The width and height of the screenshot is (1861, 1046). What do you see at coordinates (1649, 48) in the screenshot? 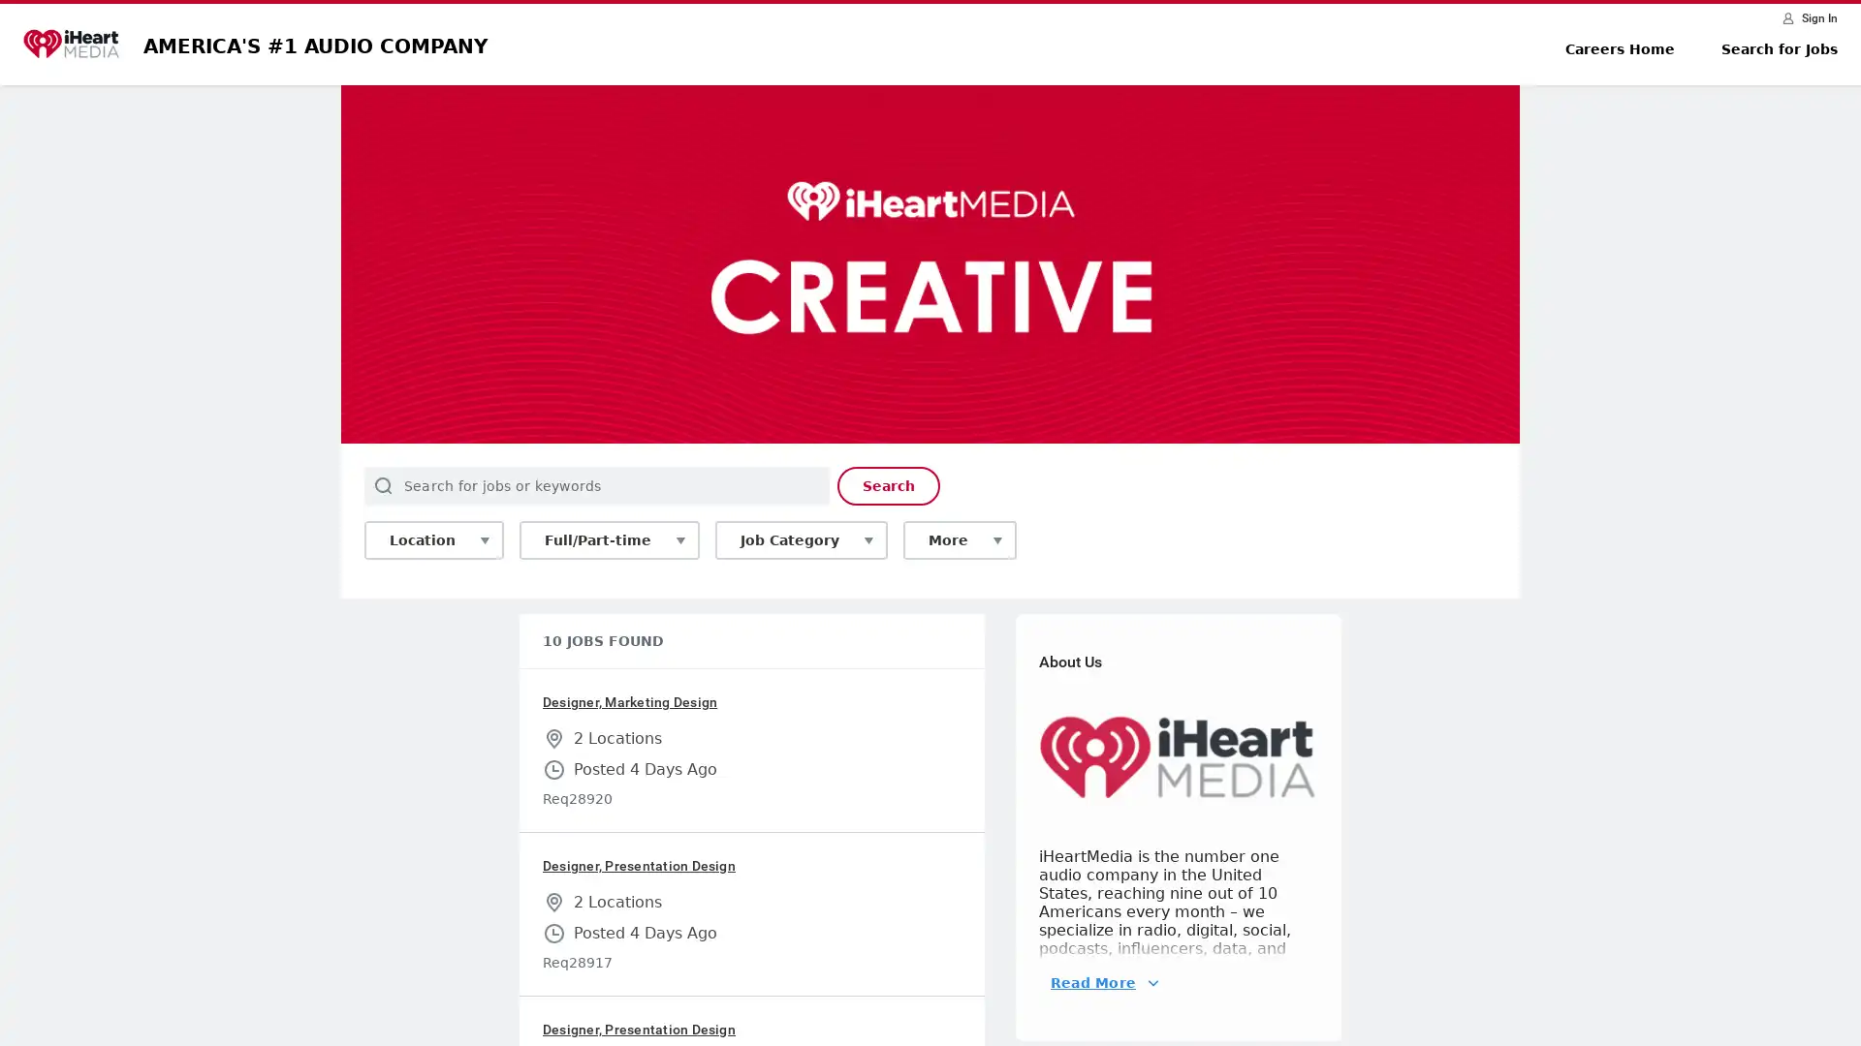
I see `Careers Home` at bounding box center [1649, 48].